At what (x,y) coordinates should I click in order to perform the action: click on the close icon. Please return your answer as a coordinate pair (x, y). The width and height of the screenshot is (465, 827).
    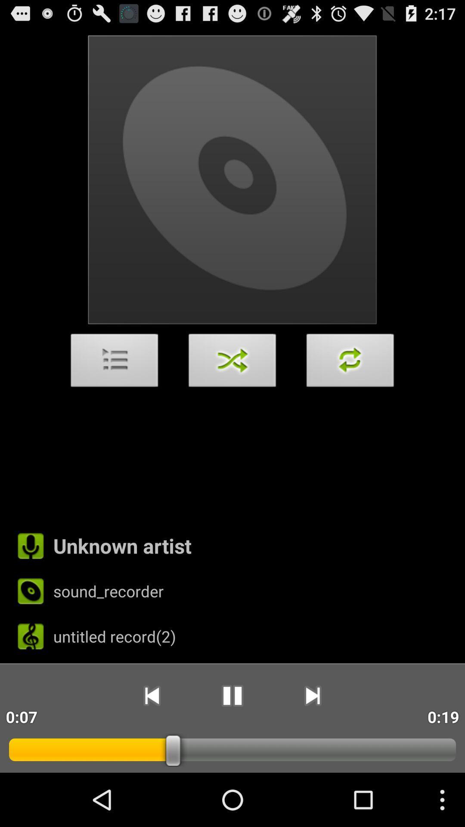
    Looking at the image, I should click on (232, 388).